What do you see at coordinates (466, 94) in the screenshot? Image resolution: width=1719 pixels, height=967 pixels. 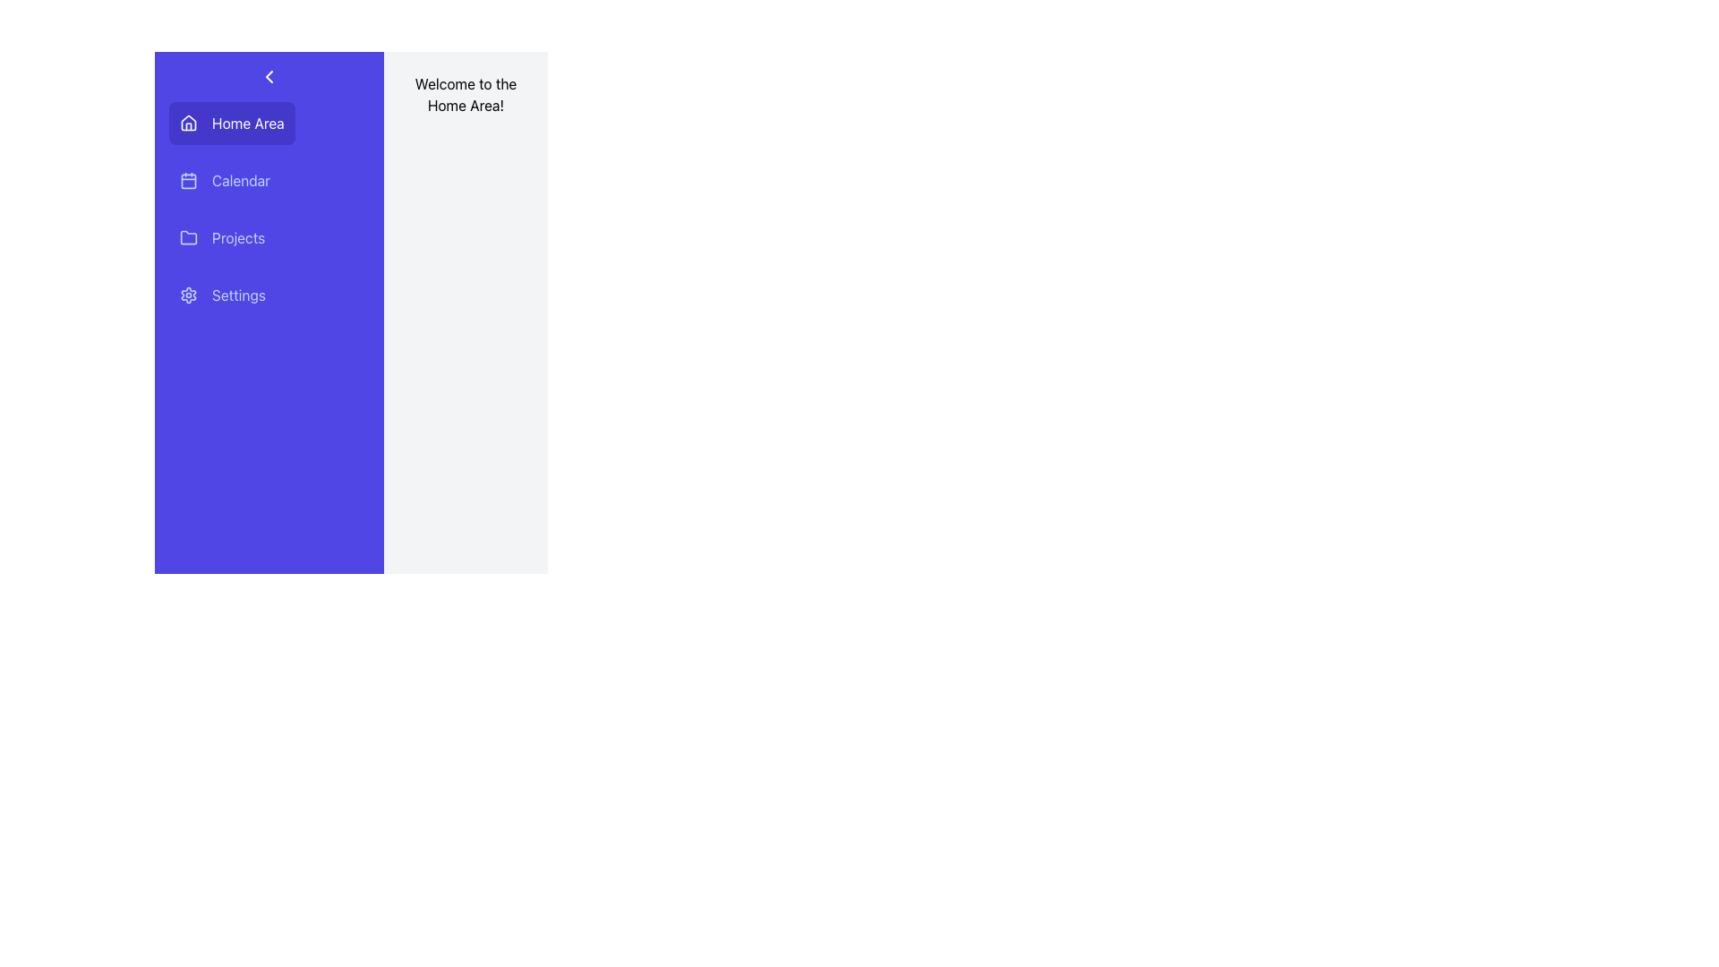 I see `text from the prominently displayed text label that says 'Welcome to the Home Area!' located in the top-right portion of the interface within a light gray rectangular area` at bounding box center [466, 94].